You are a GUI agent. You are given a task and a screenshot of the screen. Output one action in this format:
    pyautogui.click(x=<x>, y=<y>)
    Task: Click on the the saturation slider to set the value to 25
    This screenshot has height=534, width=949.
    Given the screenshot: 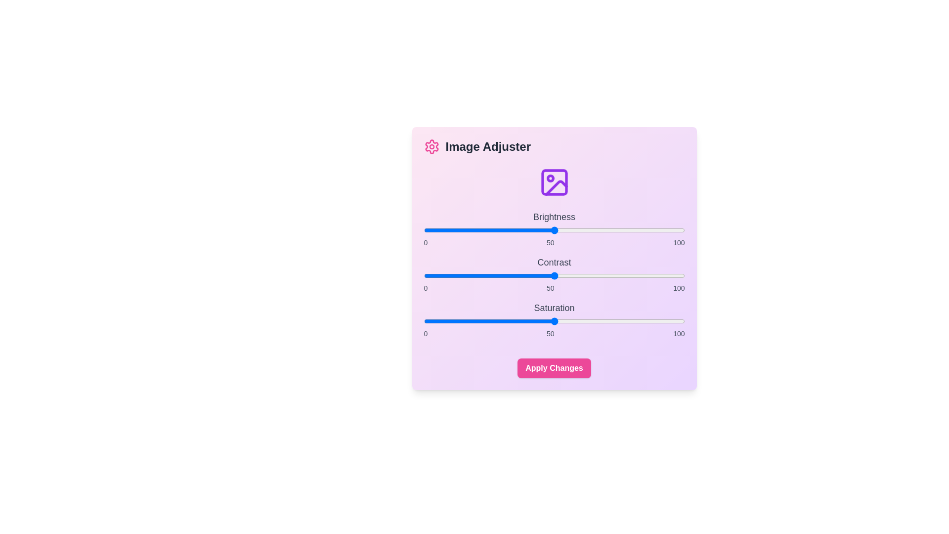 What is the action you would take?
    pyautogui.click(x=489, y=321)
    